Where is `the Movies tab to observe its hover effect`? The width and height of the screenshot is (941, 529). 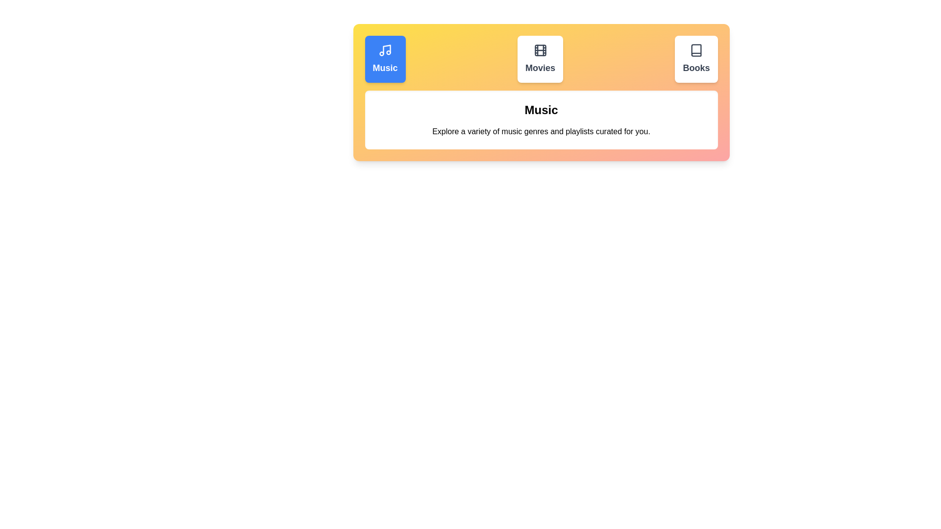 the Movies tab to observe its hover effect is located at coordinates (540, 59).